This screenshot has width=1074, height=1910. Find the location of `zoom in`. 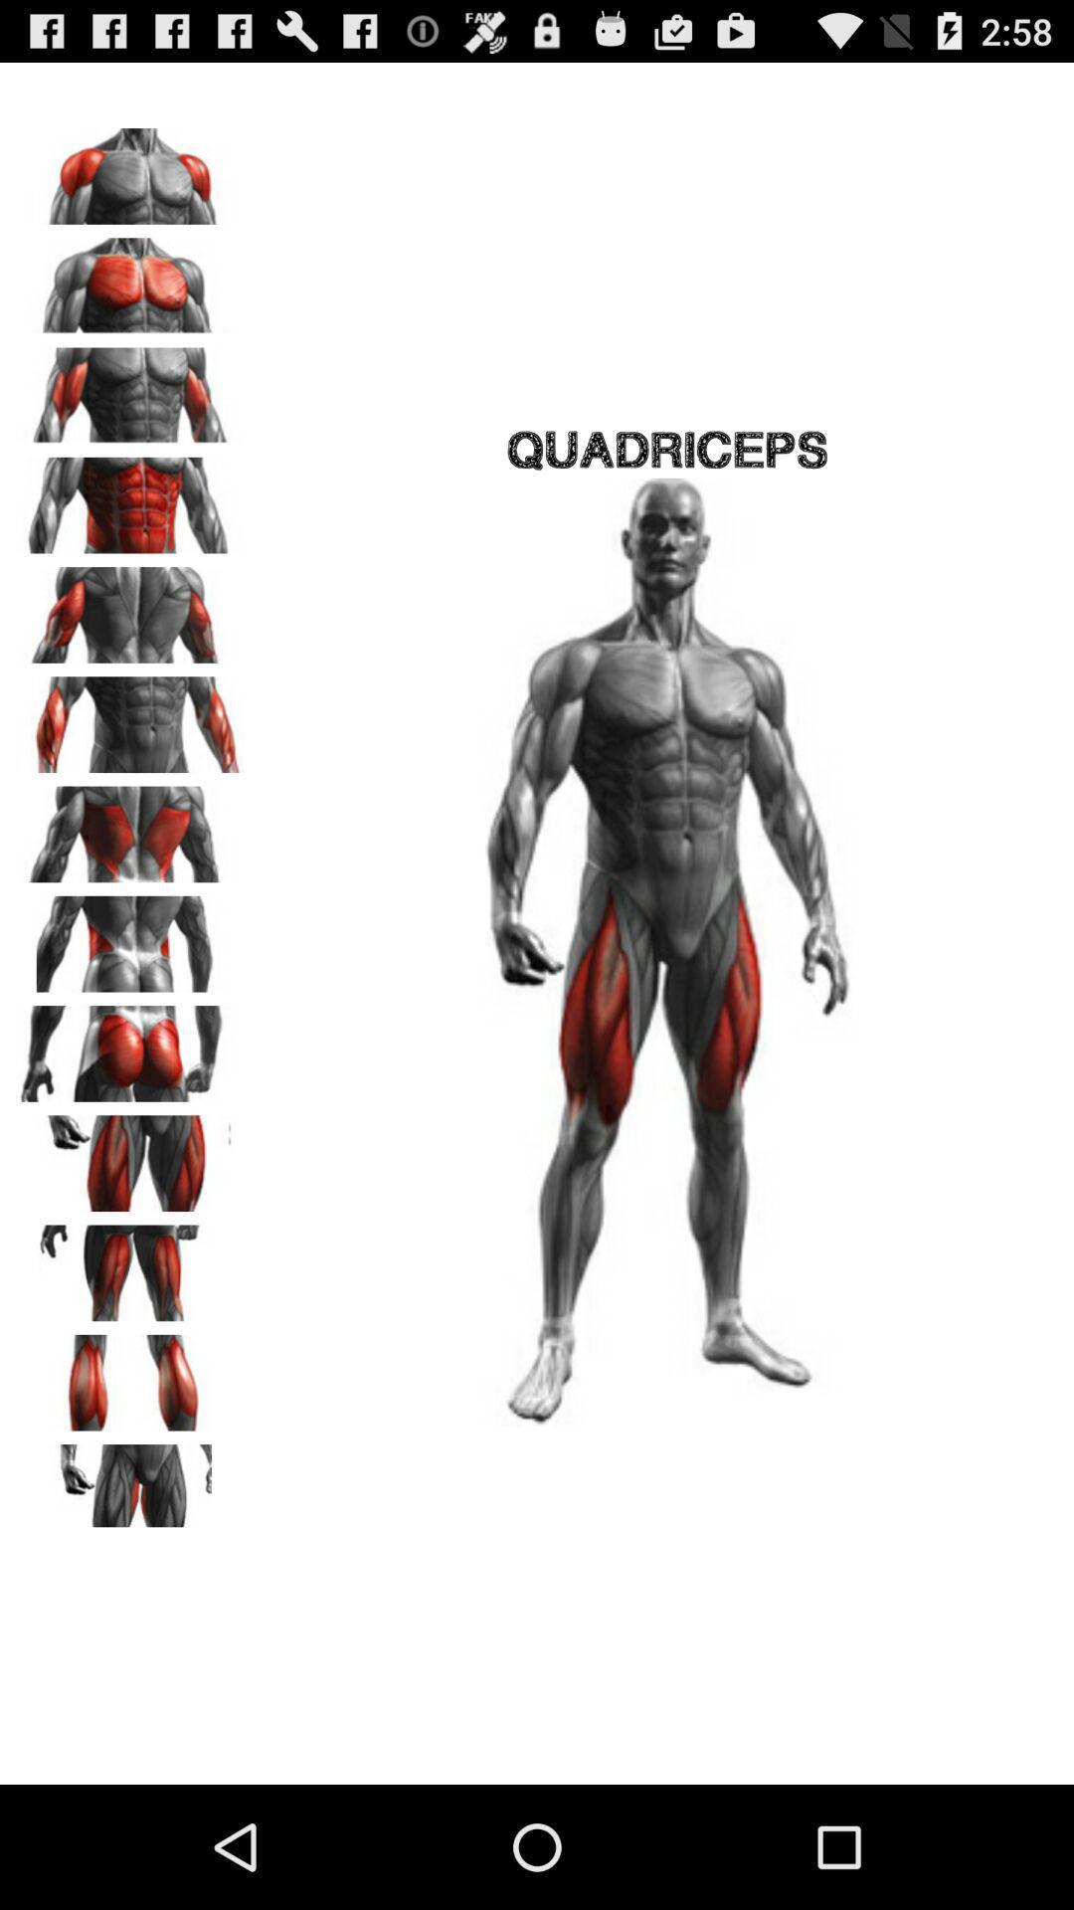

zoom in is located at coordinates (130, 1485).